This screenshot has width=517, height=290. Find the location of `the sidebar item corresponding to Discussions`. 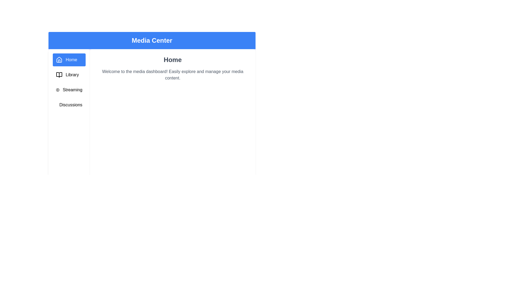

the sidebar item corresponding to Discussions is located at coordinates (69, 105).